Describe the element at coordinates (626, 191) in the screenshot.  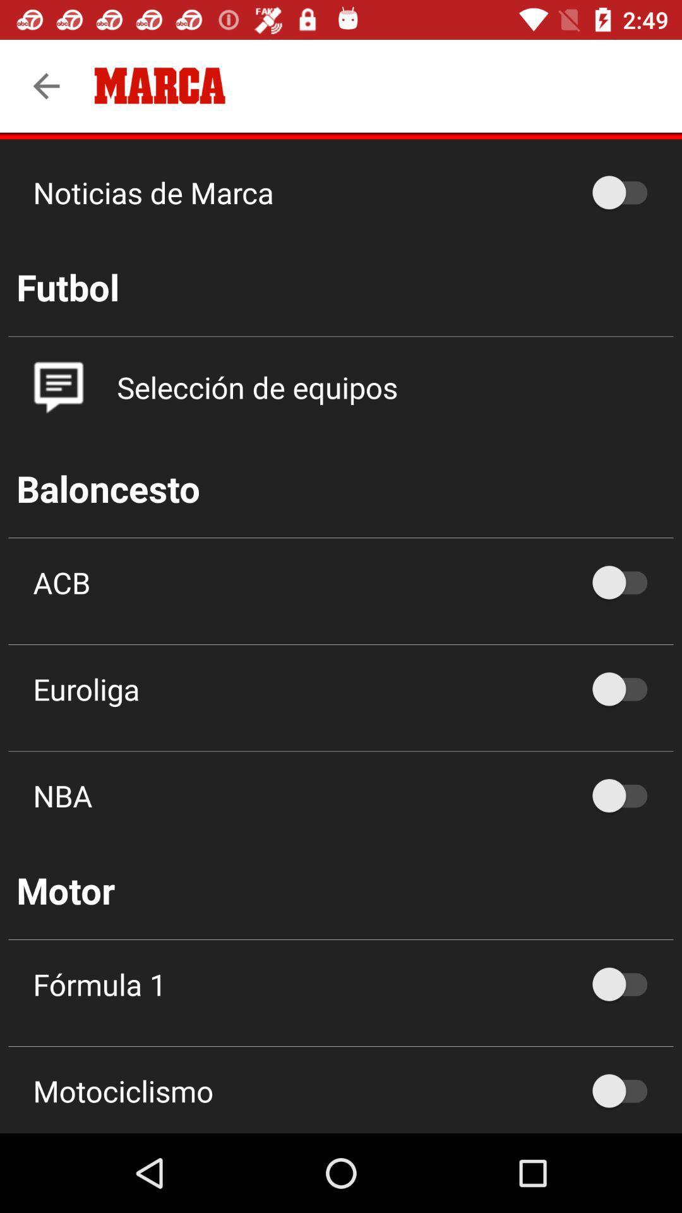
I see `noticias de marca option` at that location.